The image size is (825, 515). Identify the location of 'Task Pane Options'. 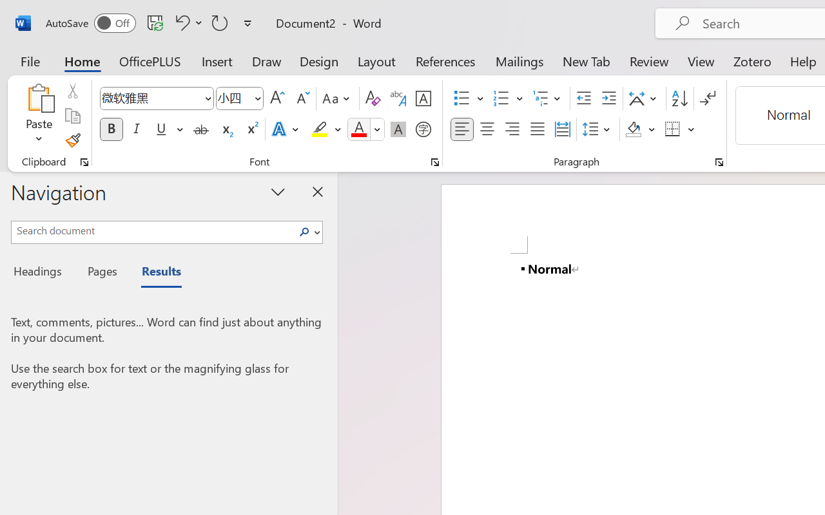
(278, 191).